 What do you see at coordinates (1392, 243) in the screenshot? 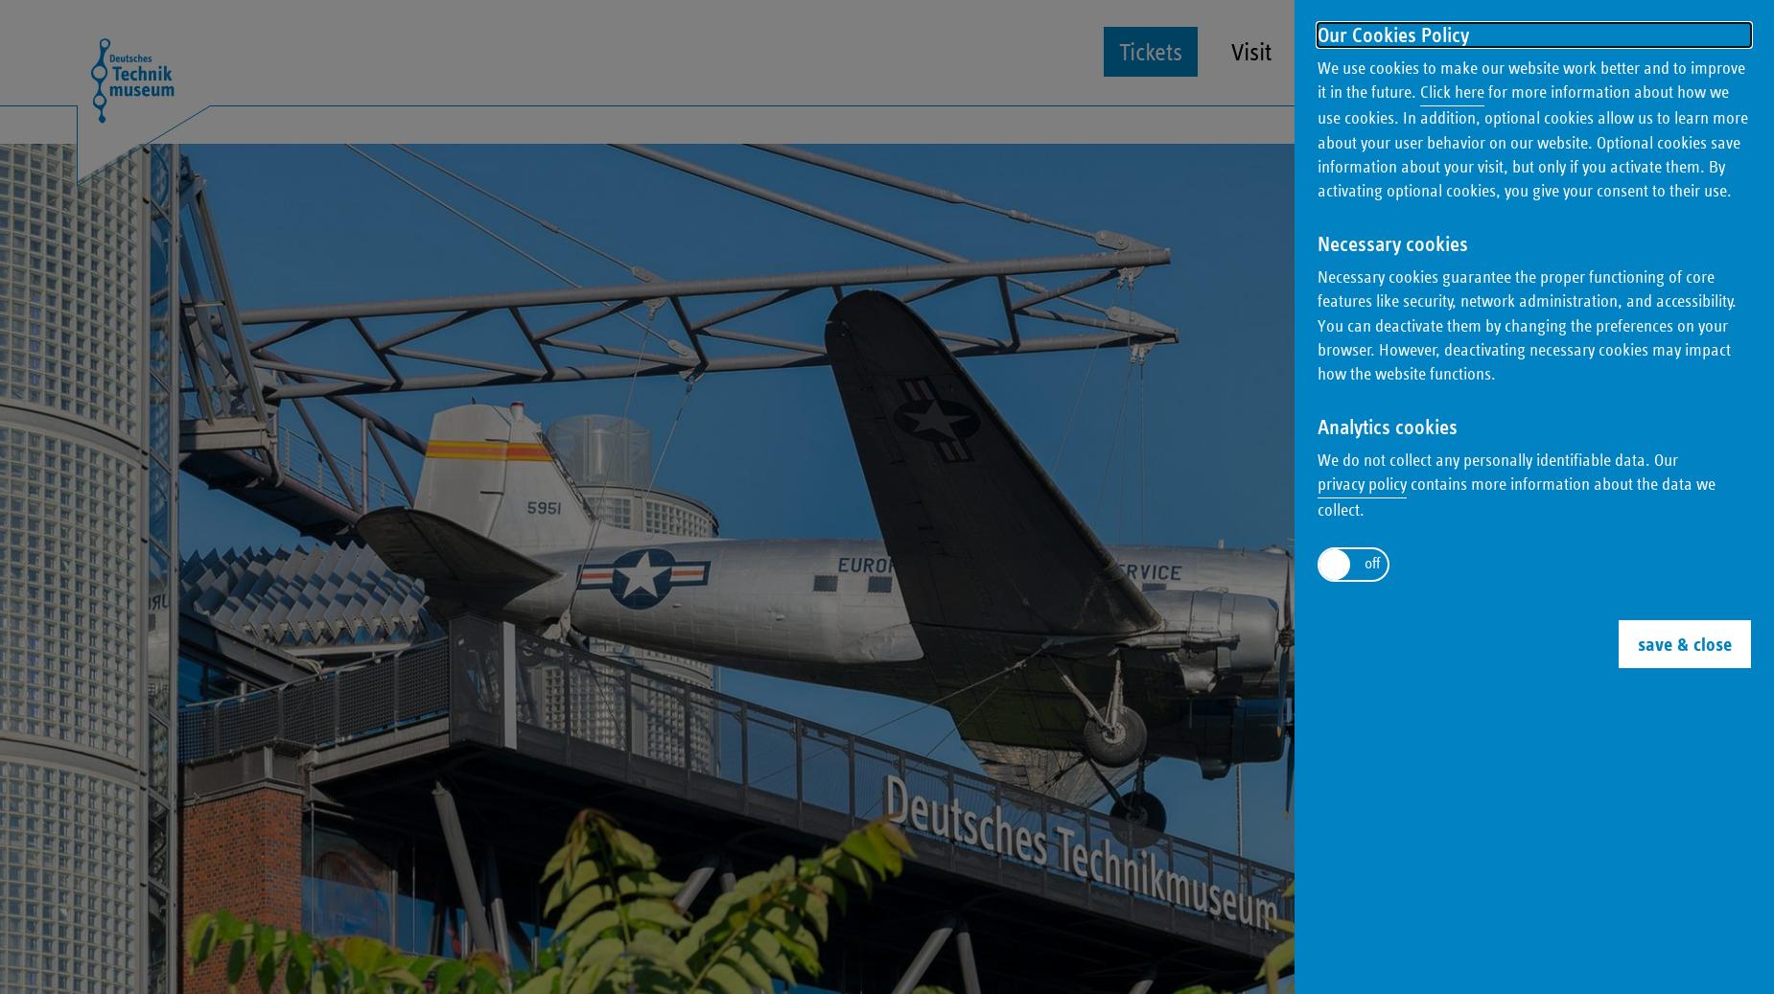
I see `'Necessary cookies'` at bounding box center [1392, 243].